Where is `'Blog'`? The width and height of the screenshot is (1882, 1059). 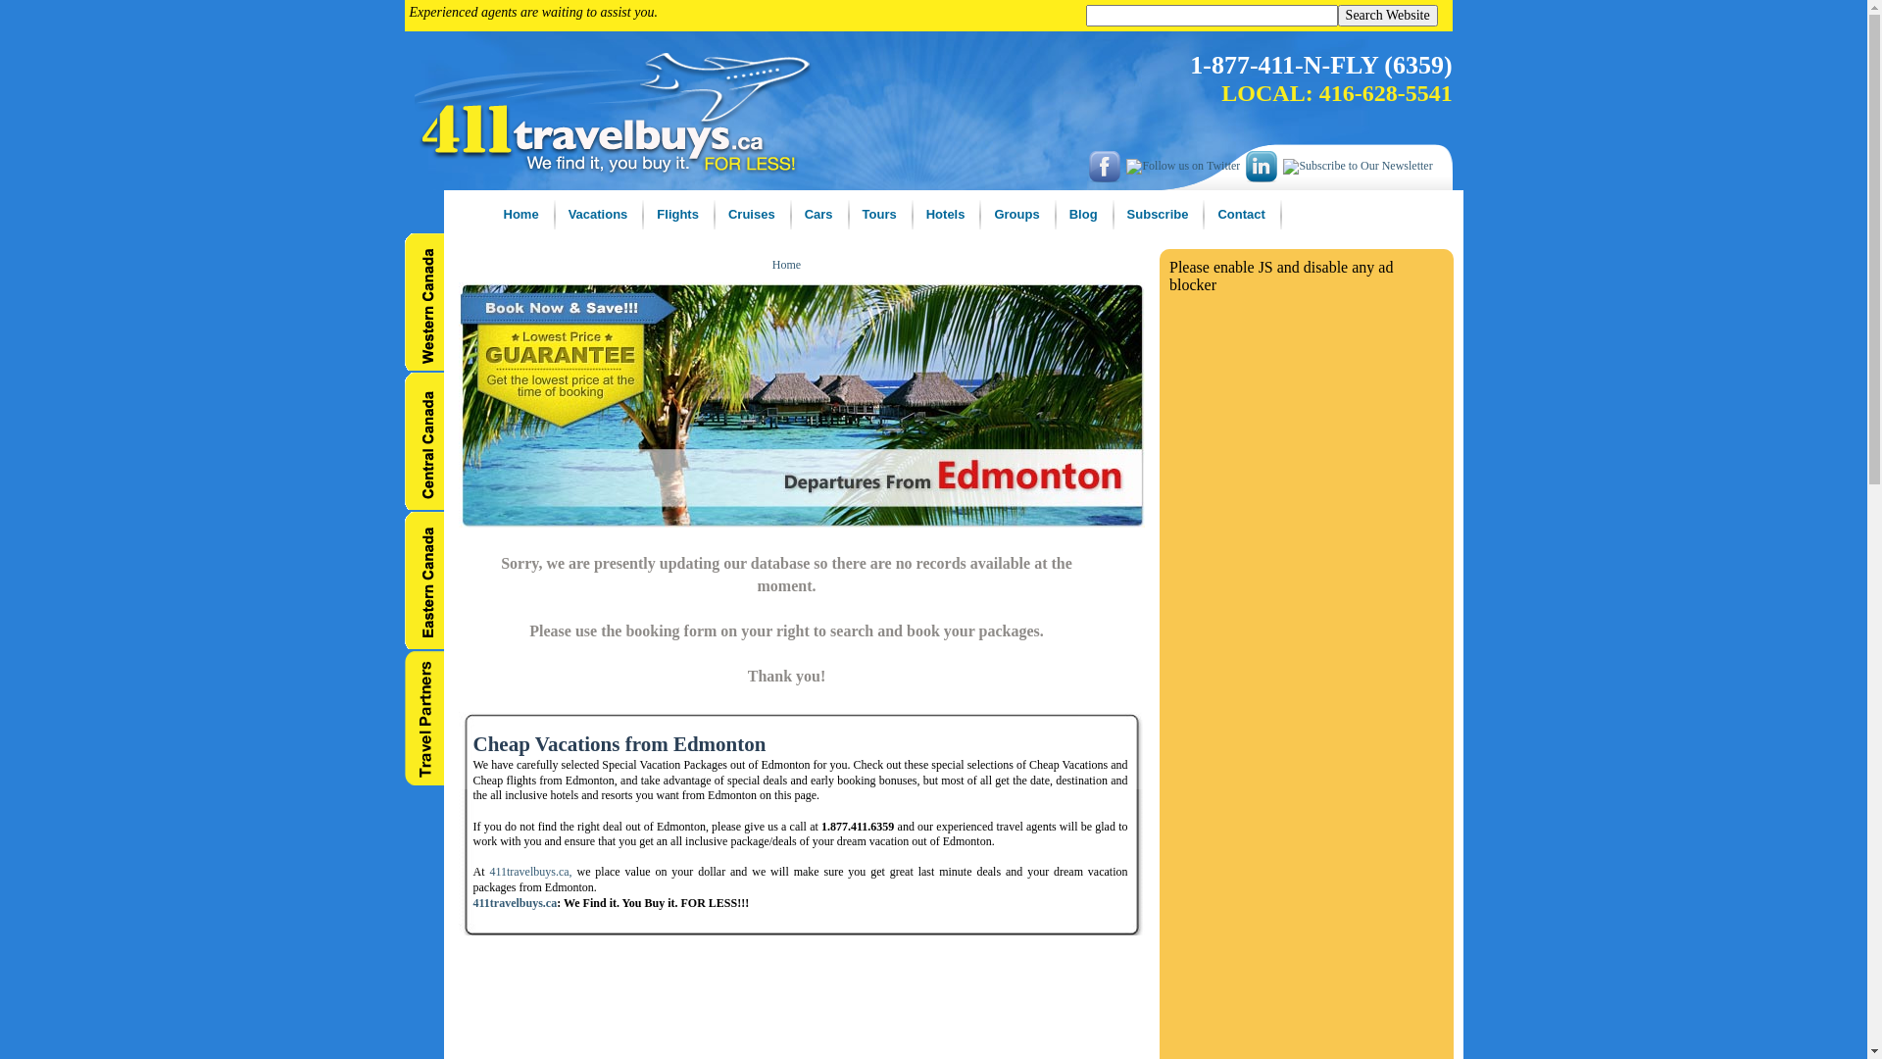 'Blog' is located at coordinates (1083, 215).